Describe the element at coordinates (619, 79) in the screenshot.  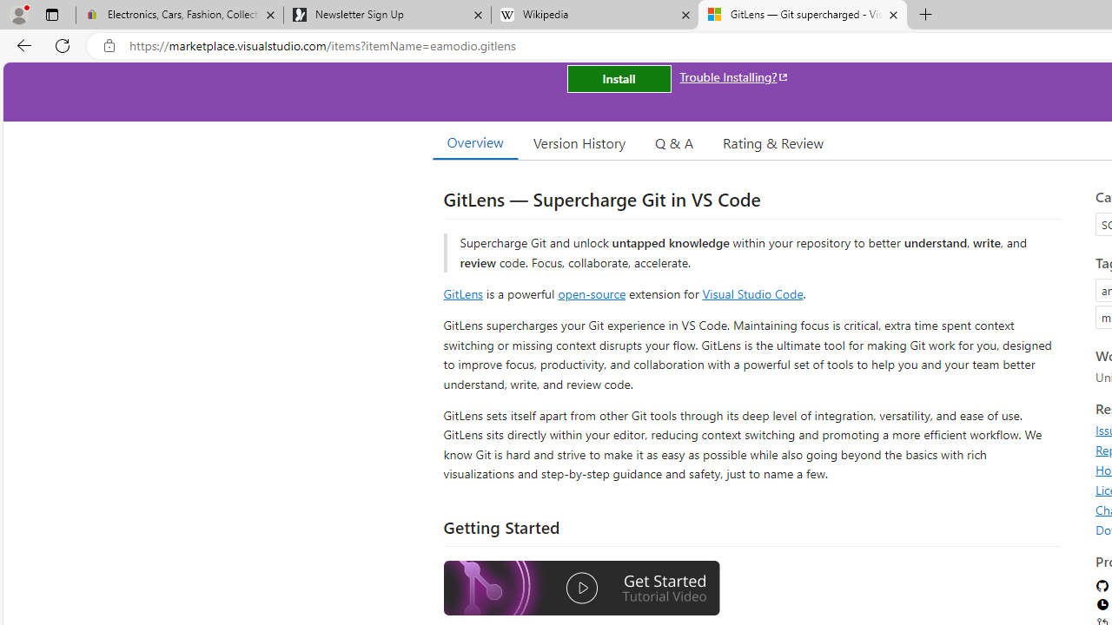
I see `'Install'` at that location.